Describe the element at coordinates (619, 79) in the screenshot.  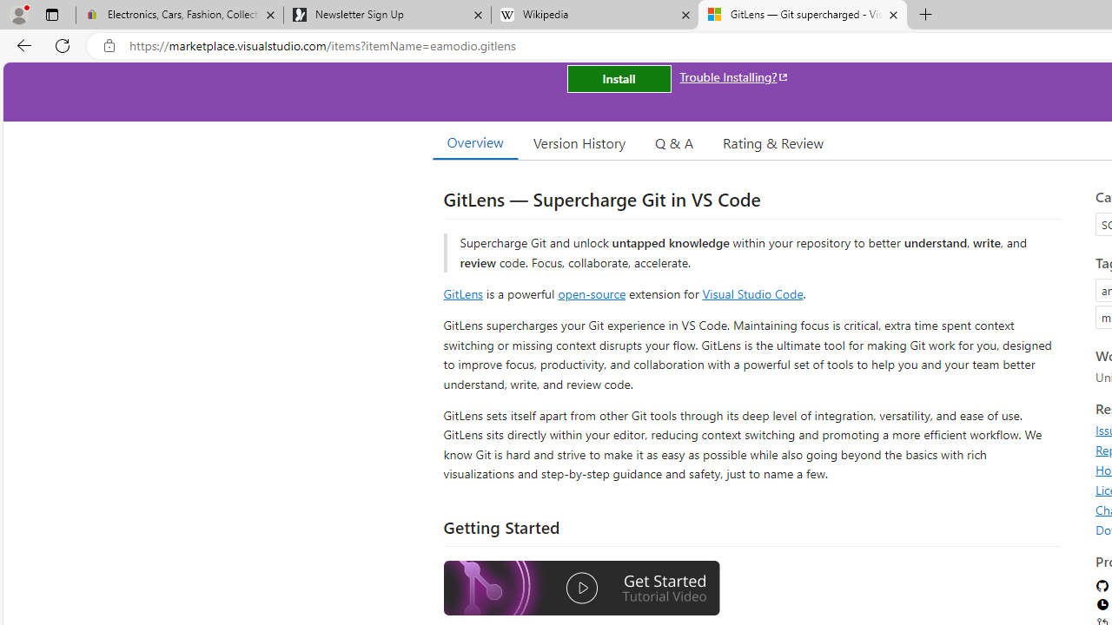
I see `'Install'` at that location.